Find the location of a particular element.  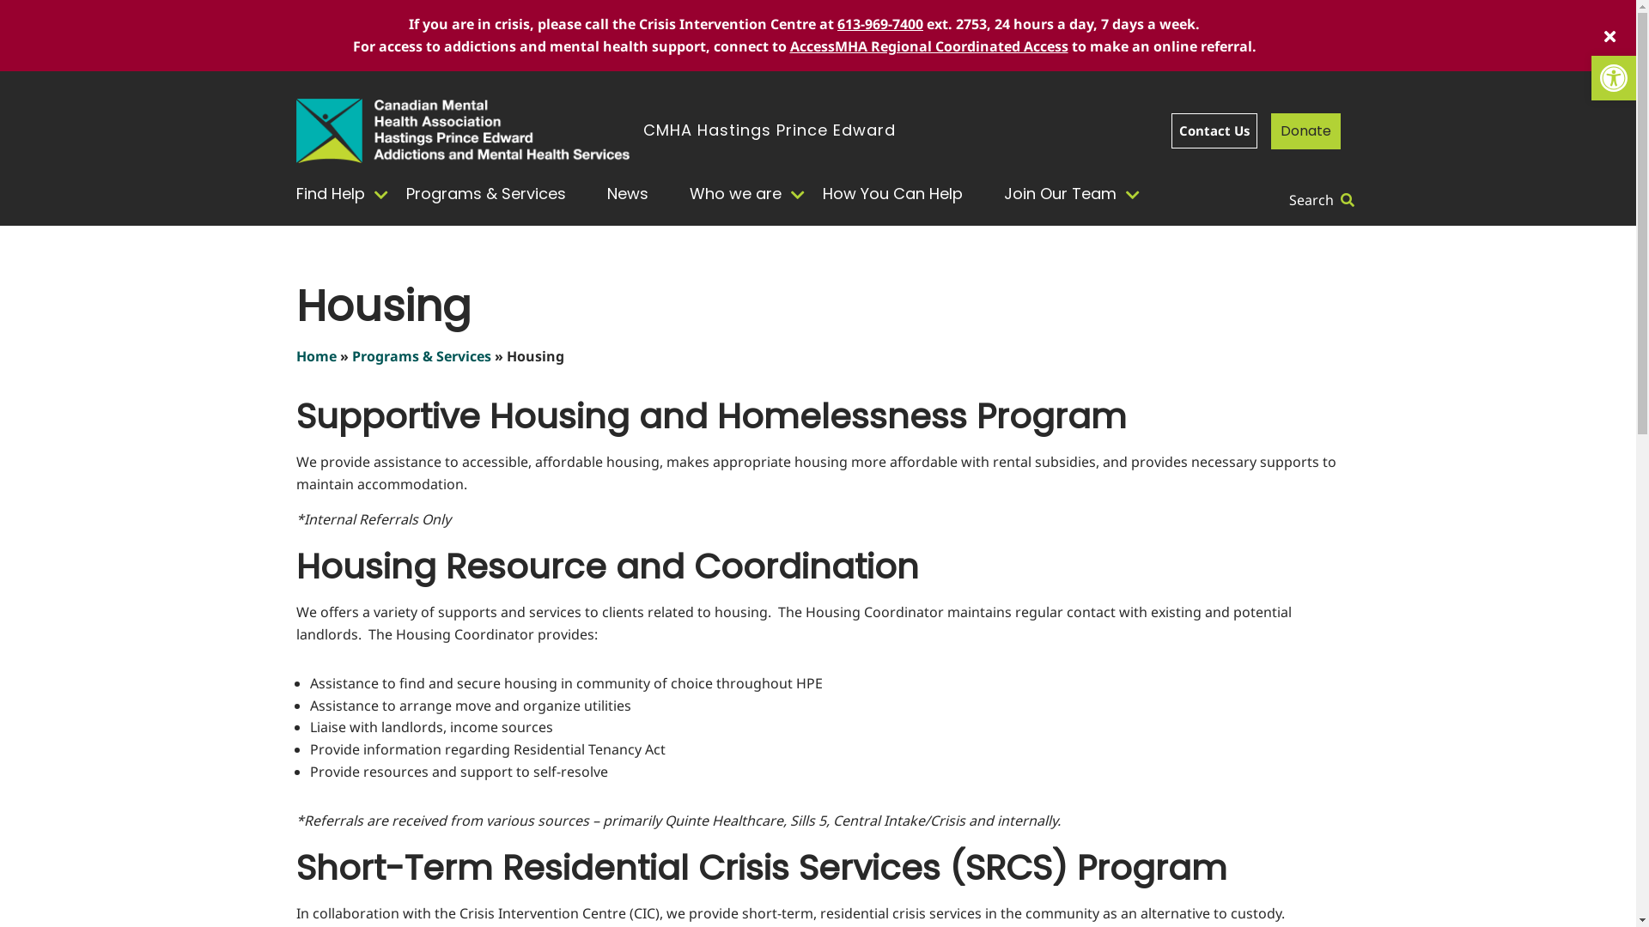

'613-969-7400' is located at coordinates (837, 23).